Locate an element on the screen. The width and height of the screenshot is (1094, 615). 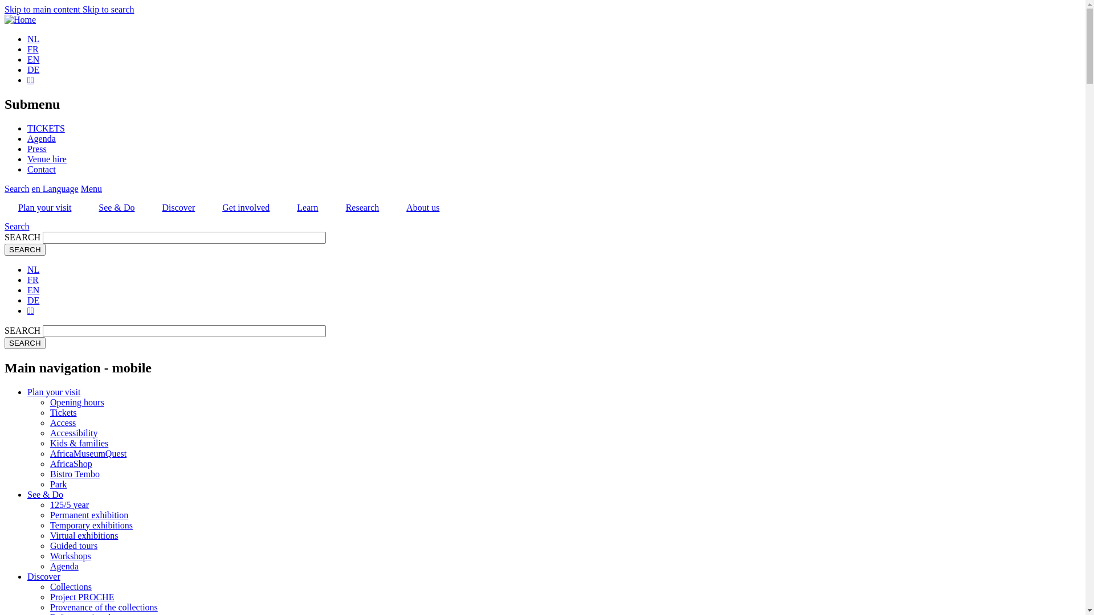
'Bistro Tembo' is located at coordinates (74, 474).